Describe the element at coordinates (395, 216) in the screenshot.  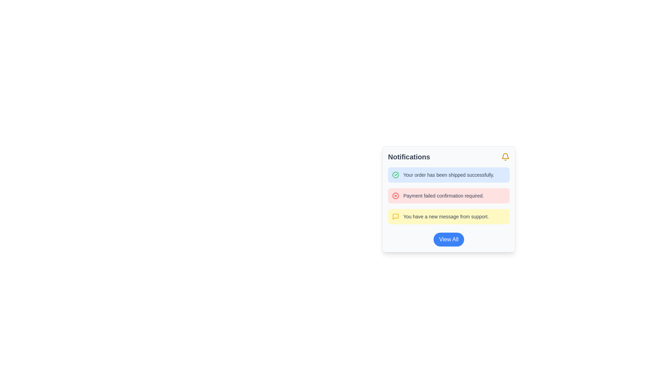
I see `the yellow speech bubble icon located to the left of the third notification message in the notification list` at that location.